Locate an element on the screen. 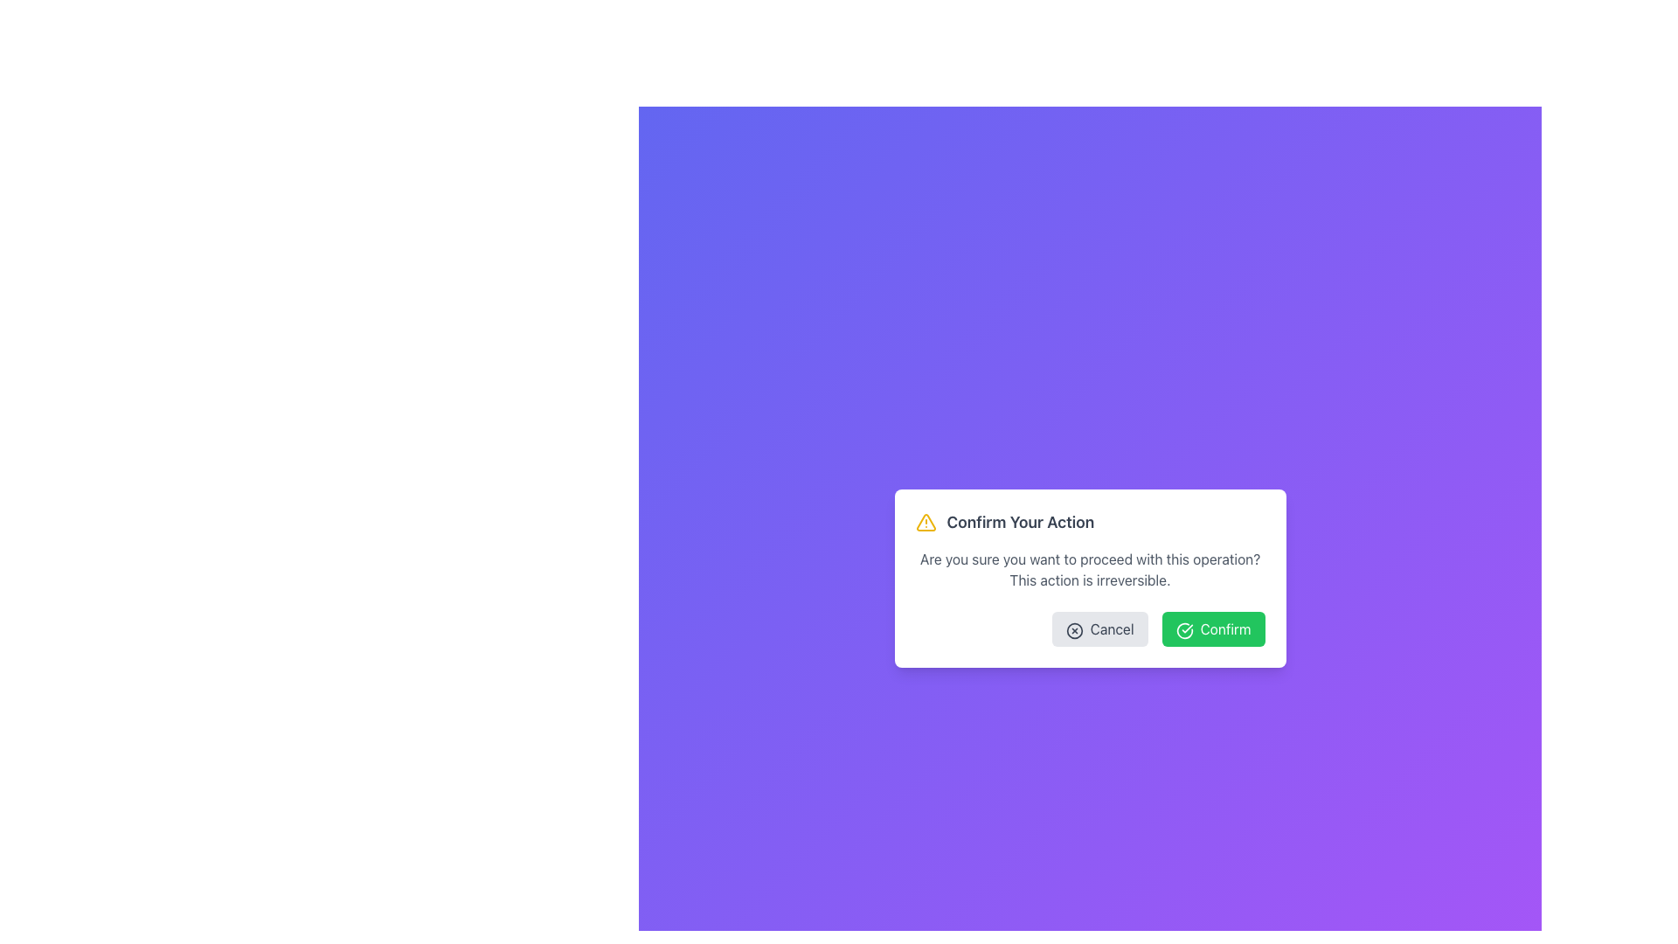 The width and height of the screenshot is (1678, 944). the text block that reads 'Are you sure you want to proceed with this operation? This action is irreversible.' within the styled white dialog box is located at coordinates (1089, 569).